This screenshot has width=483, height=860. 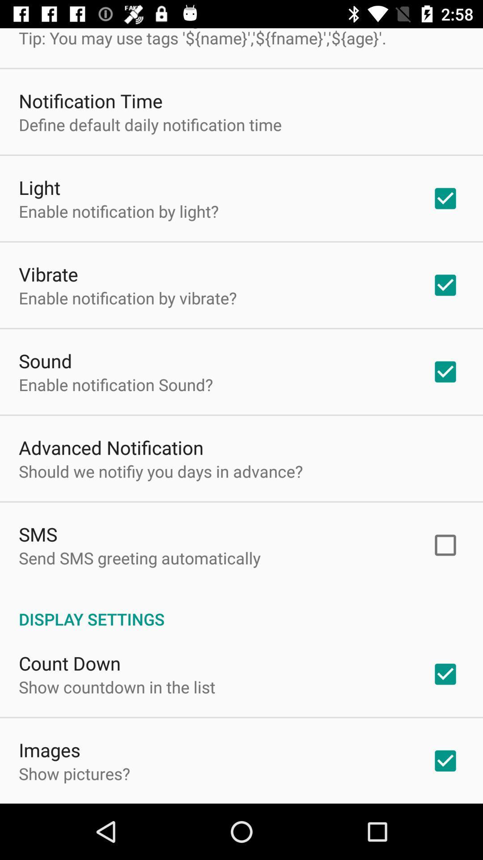 What do you see at coordinates (140, 557) in the screenshot?
I see `the item below the sms icon` at bounding box center [140, 557].